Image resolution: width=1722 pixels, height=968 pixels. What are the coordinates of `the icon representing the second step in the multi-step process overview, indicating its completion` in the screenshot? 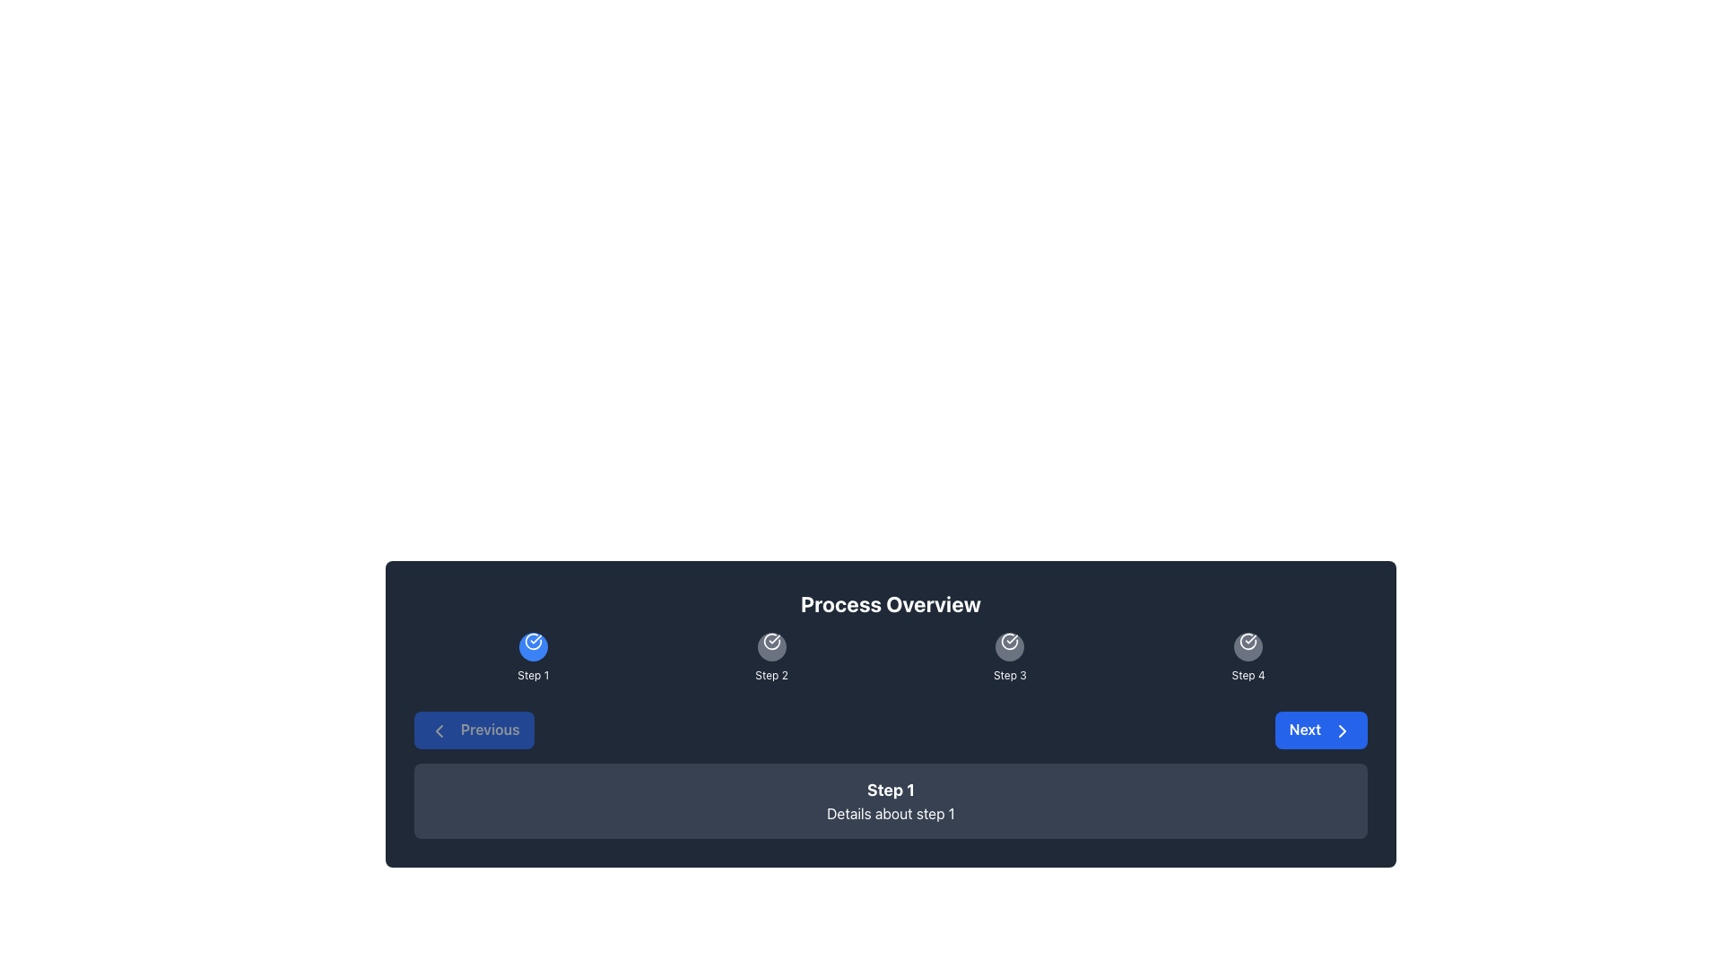 It's located at (771, 657).